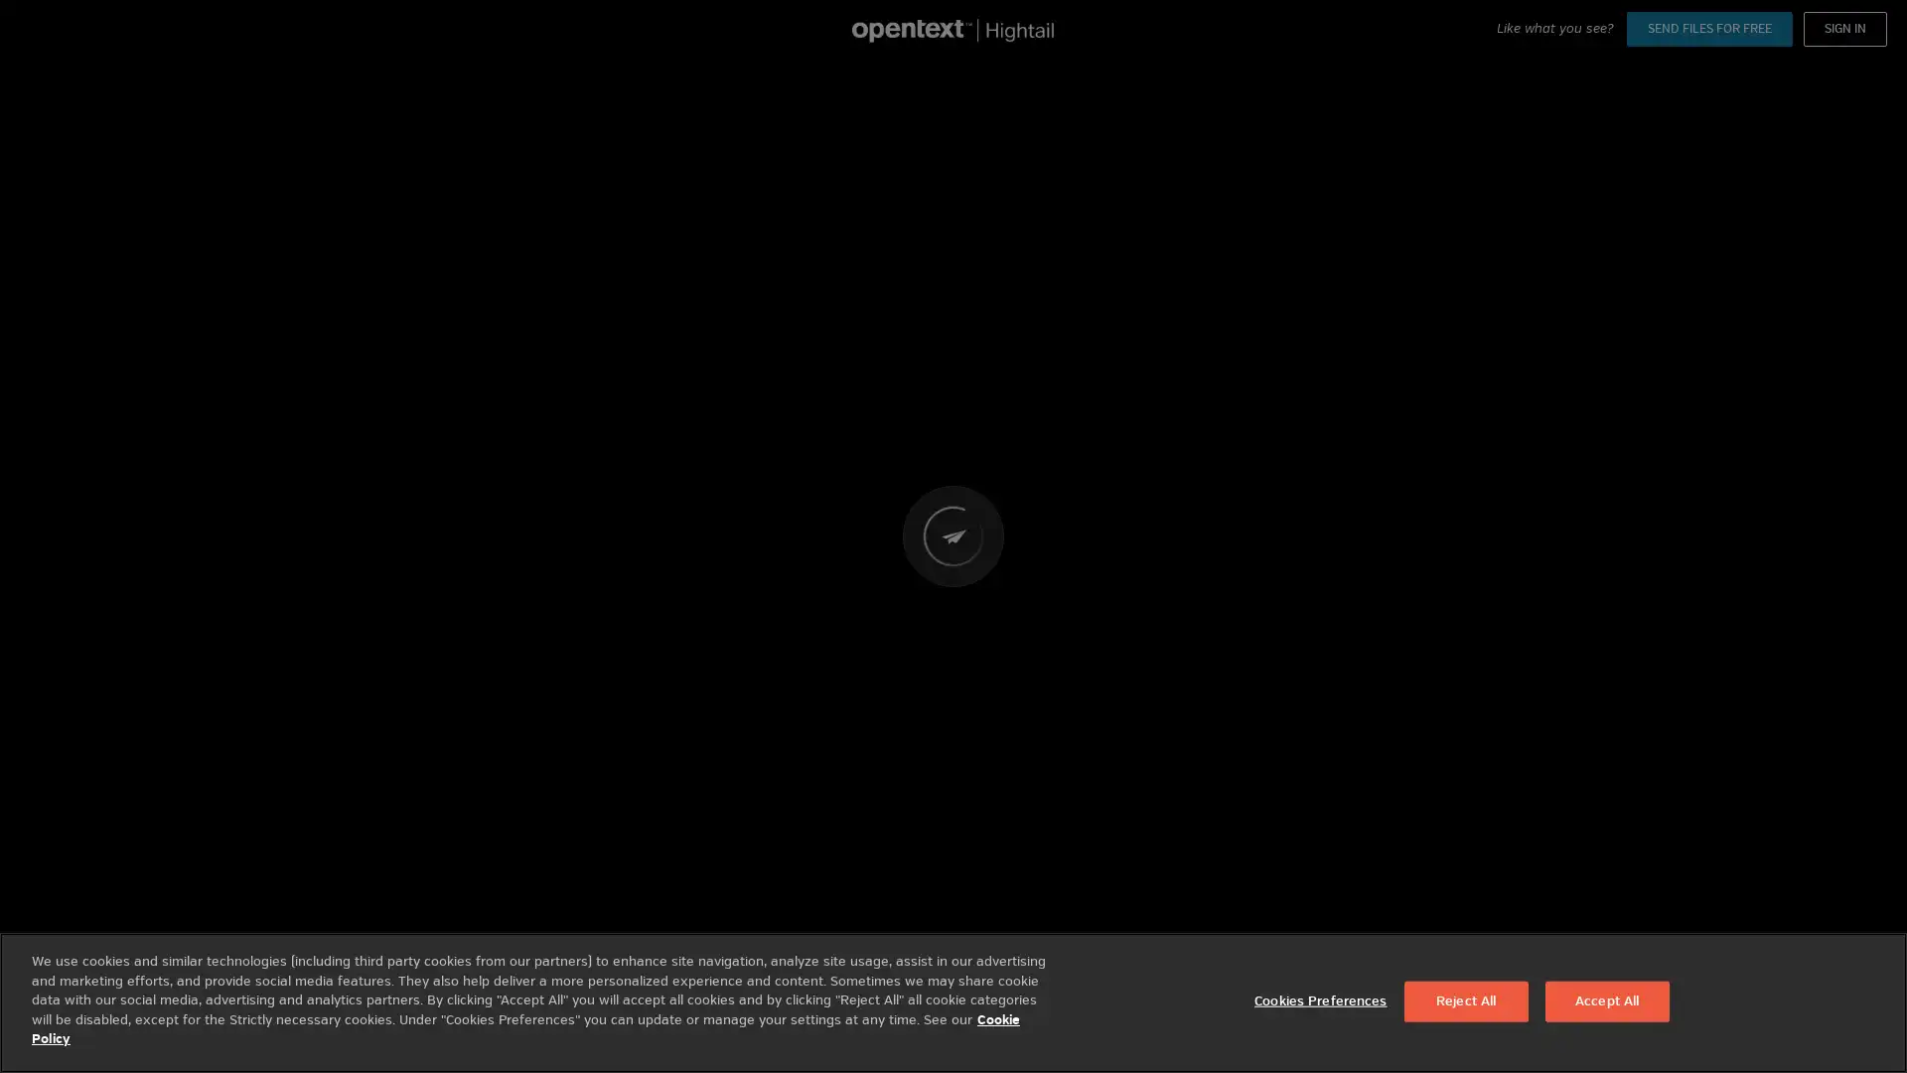 The width and height of the screenshot is (1907, 1073). Describe the element at coordinates (1606, 1000) in the screenshot. I see `Accept All` at that location.